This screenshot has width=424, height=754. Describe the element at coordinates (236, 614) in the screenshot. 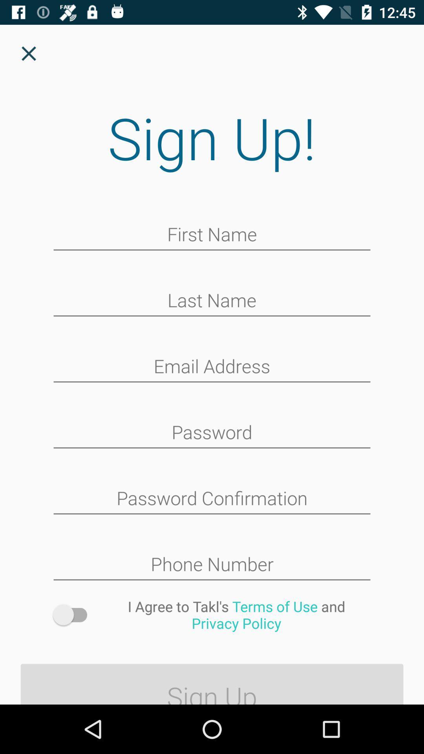

I see `the icon above the sign up icon` at that location.